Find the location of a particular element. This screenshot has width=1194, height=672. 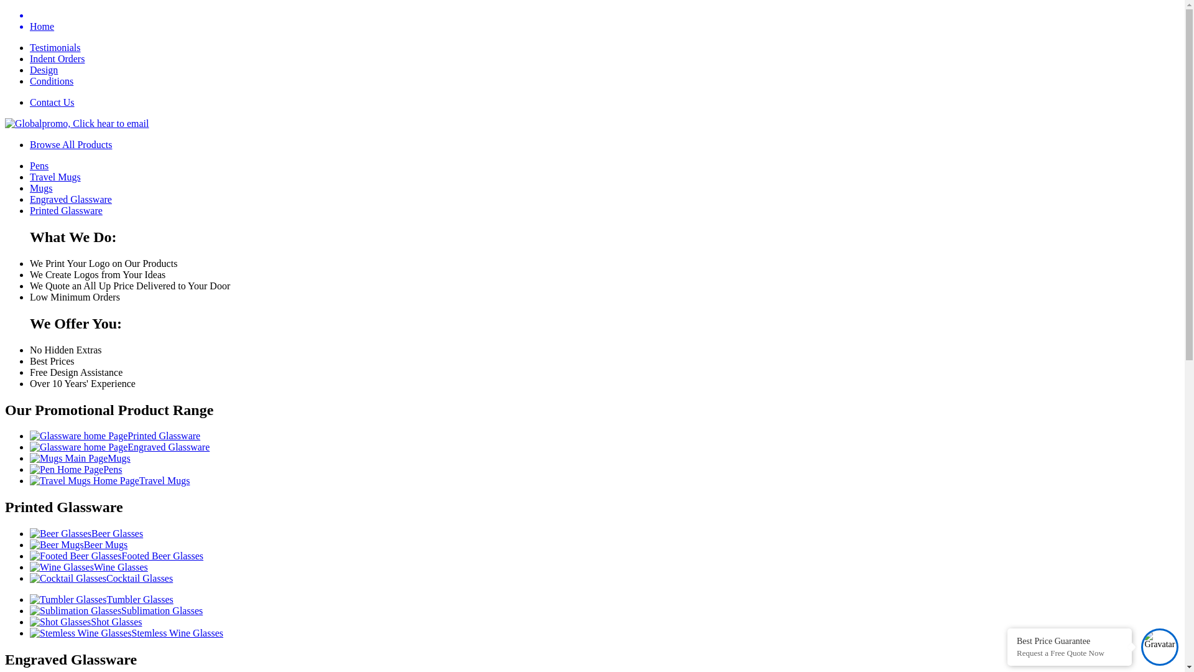

'Travel Mugs' is located at coordinates (109, 480).